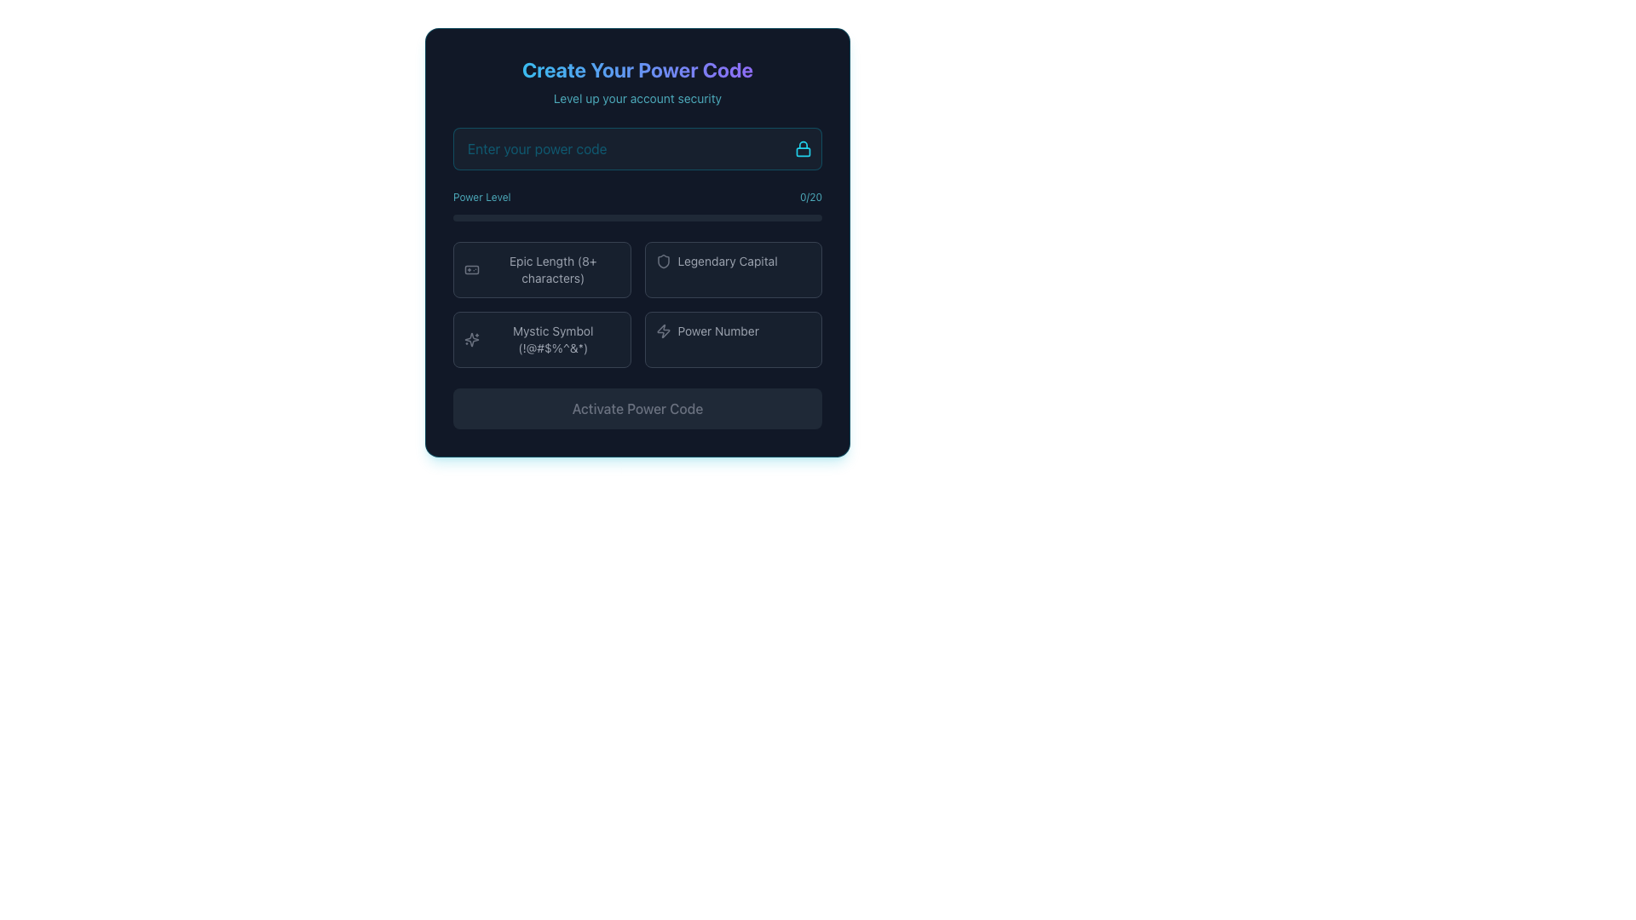 The width and height of the screenshot is (1636, 920). Describe the element at coordinates (733, 262) in the screenshot. I see `the 'Legendary Capital' selectable label featuring a shield-like icon` at that location.